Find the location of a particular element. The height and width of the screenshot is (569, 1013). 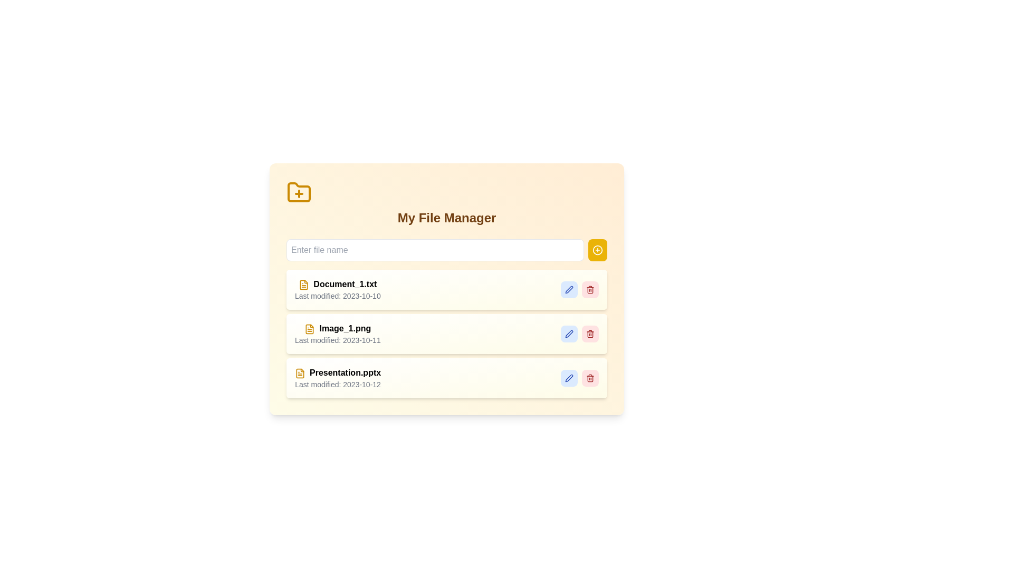

the prominent 'Add' or 'Create' icon-based button located in the top-right corner of the main interface is located at coordinates (597, 250).